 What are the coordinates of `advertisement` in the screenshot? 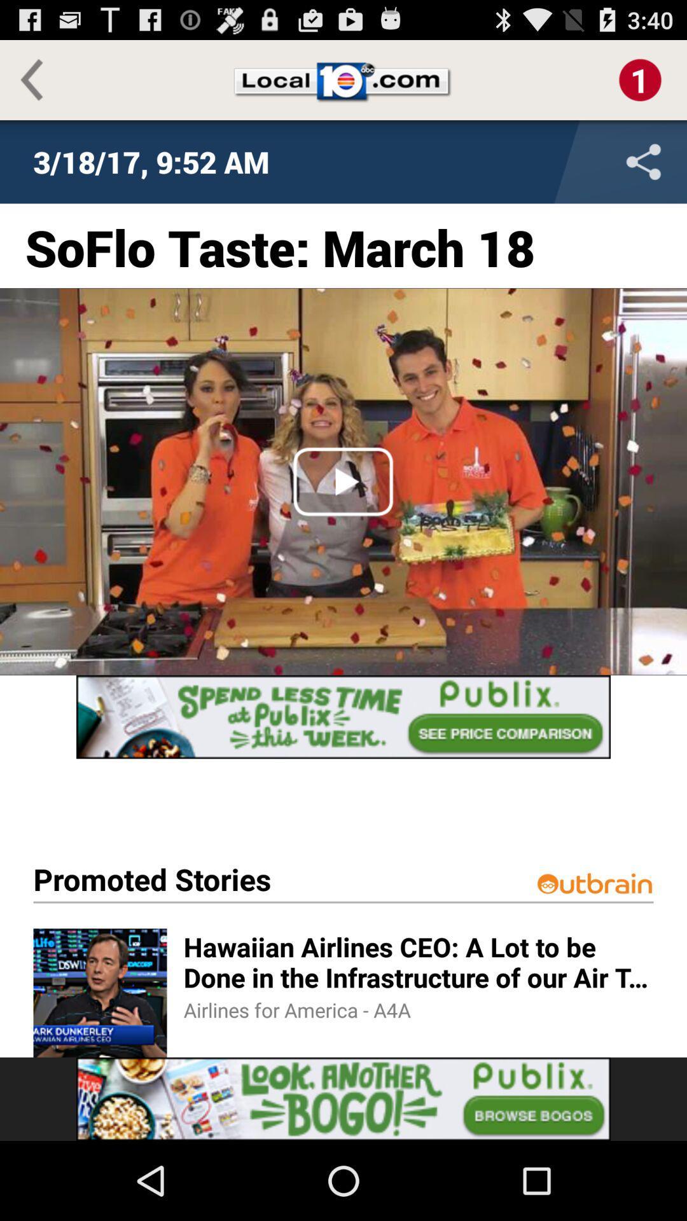 It's located at (343, 717).